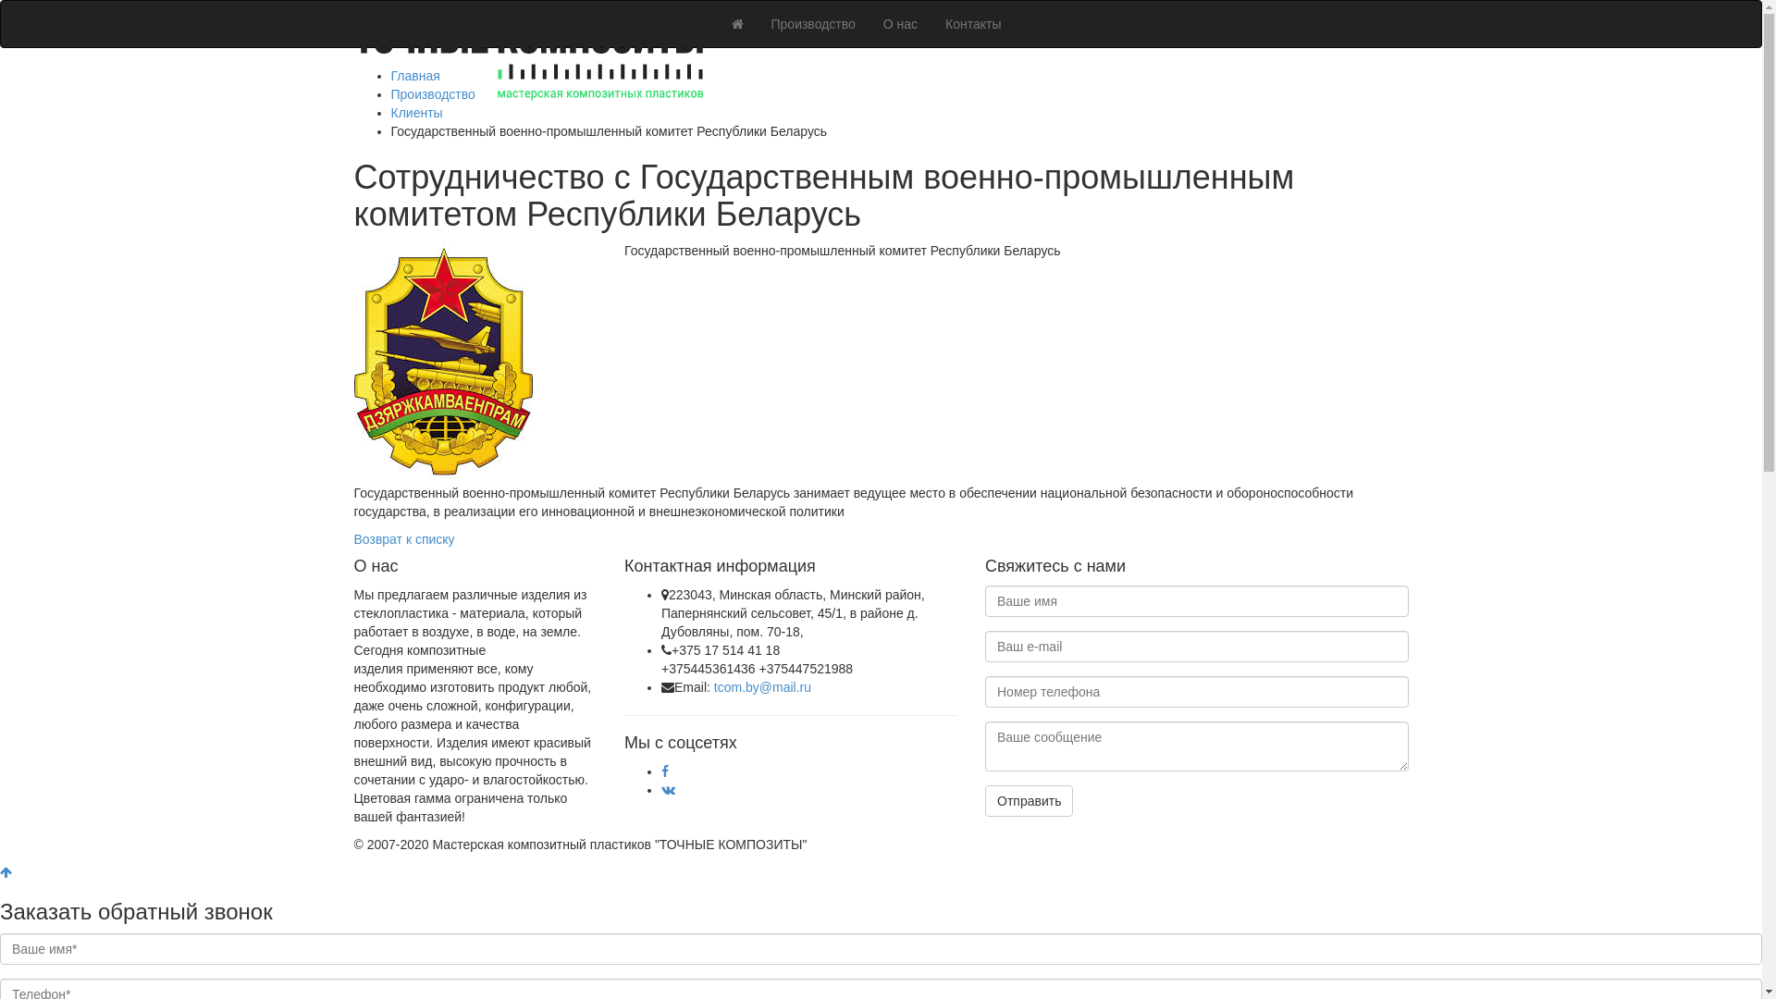 This screenshot has width=1776, height=999. What do you see at coordinates (762, 687) in the screenshot?
I see `'tcom.by@mail.ru'` at bounding box center [762, 687].